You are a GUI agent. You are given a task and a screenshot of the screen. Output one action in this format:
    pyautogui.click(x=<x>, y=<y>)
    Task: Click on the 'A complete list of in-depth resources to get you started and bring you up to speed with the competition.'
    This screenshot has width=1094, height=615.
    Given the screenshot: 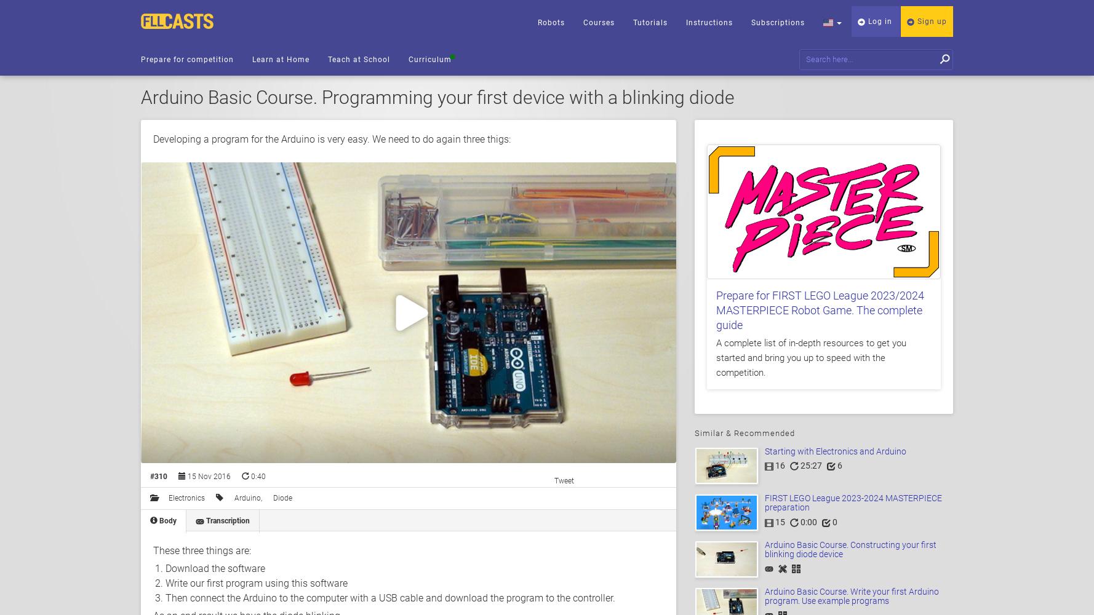 What is the action you would take?
    pyautogui.click(x=811, y=357)
    